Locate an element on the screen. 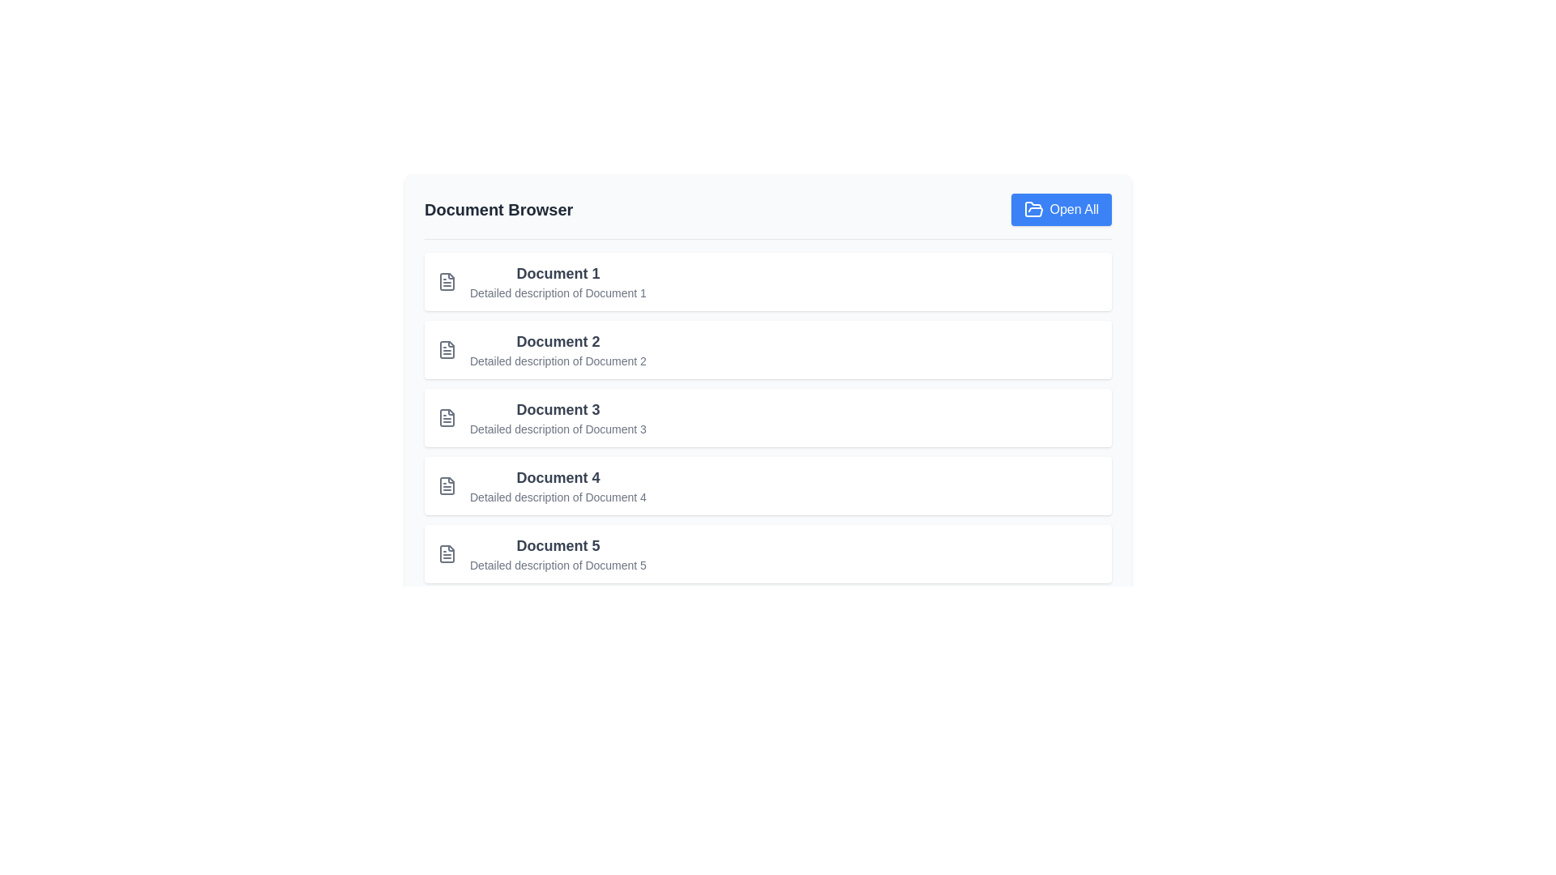 The image size is (1556, 875). the appearance of the document icon located in the fifth item of the 'Document Browser' list, which features a light gray document symbol with text lines, positioned to the left of 'Document 5' is located at coordinates (447, 553).